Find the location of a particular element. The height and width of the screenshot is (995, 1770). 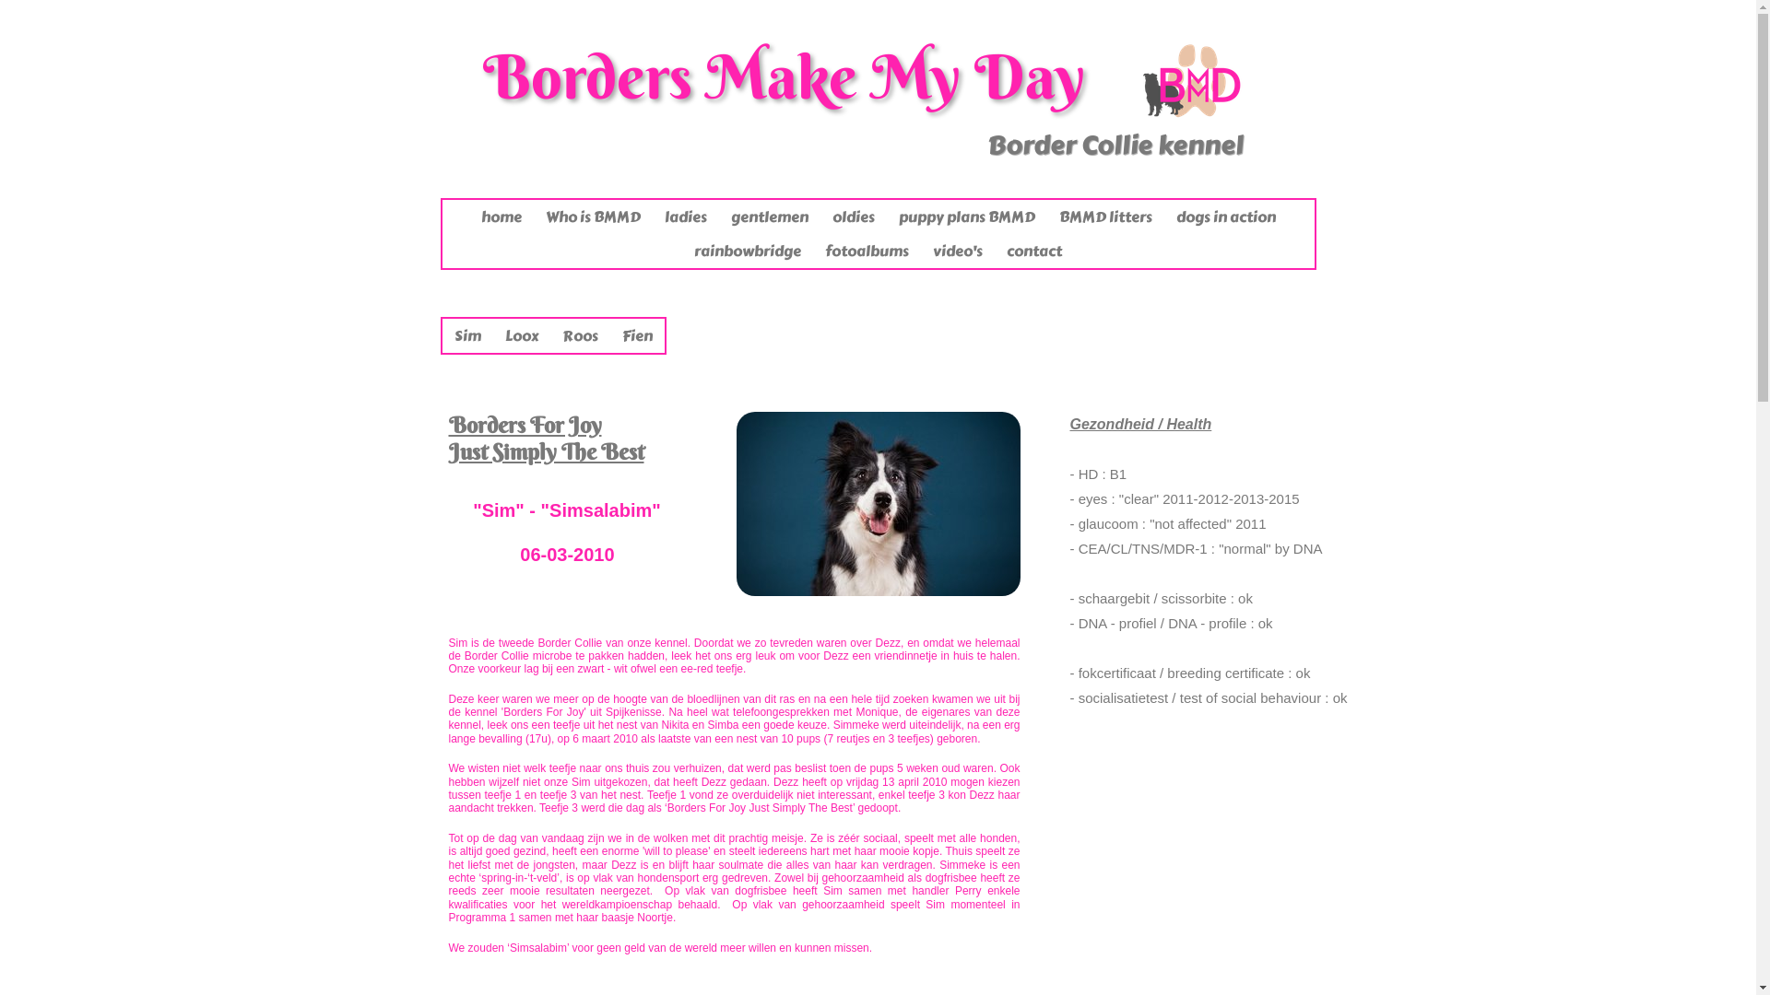

'Fien' is located at coordinates (637, 335).